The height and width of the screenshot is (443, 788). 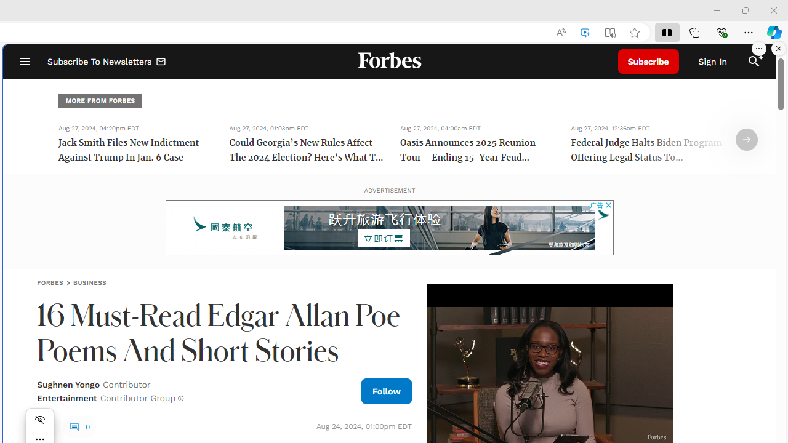 I want to click on 'Enter Immersive Reader (F9)', so click(x=610, y=32).